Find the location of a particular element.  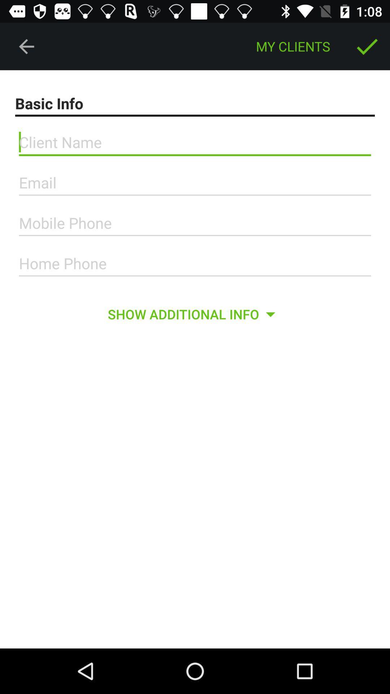

mobile phone number is located at coordinates (195, 223).